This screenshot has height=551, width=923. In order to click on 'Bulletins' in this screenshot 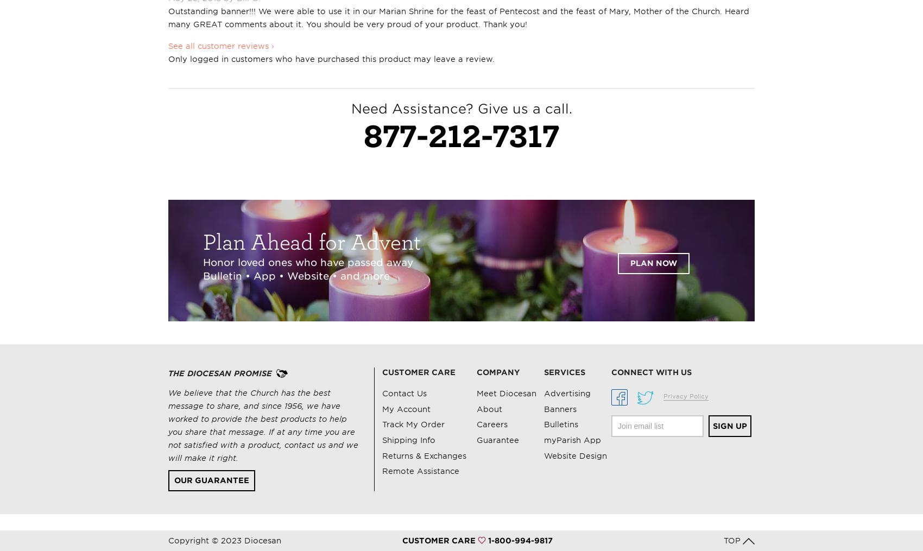, I will do `click(560, 423)`.